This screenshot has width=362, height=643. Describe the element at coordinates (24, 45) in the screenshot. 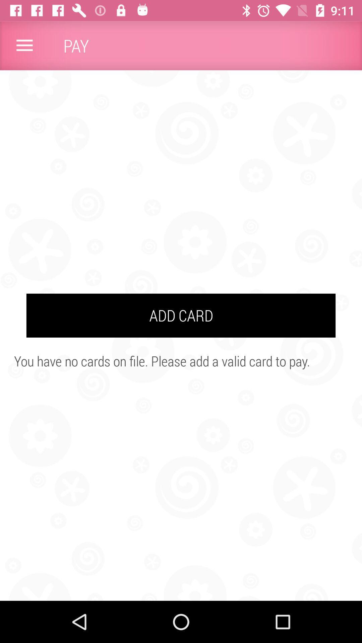

I see `the icon above add card item` at that location.